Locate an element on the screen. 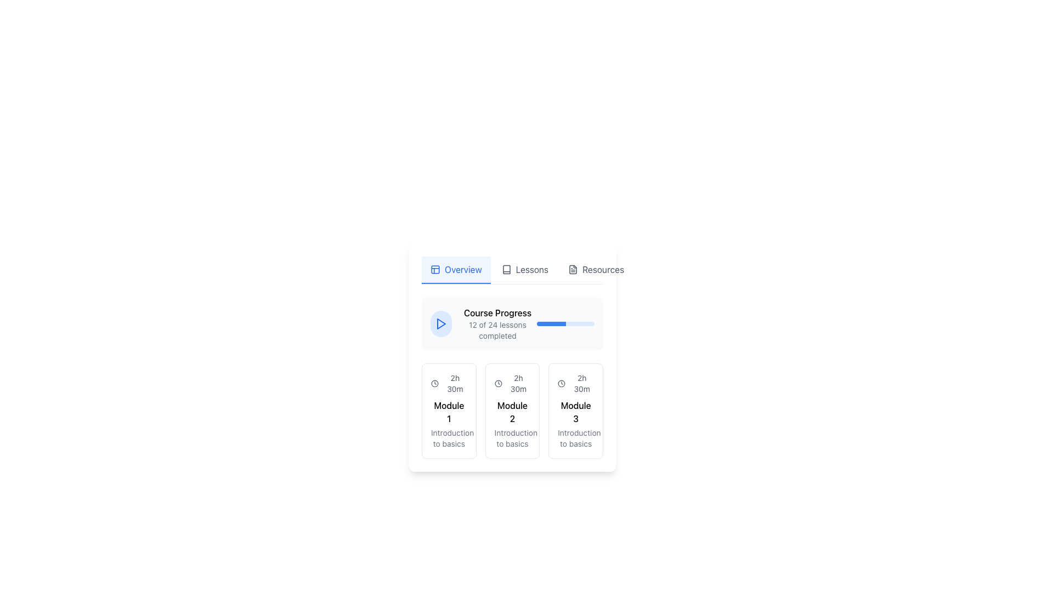 The height and width of the screenshot is (592, 1053). the text label displaying the duration of 'Module 2', which is positioned to the right of a clock icon within the second column of module durations is located at coordinates (518, 383).